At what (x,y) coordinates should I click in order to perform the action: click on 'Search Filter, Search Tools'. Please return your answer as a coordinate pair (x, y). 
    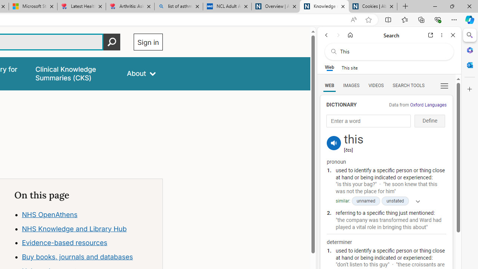
    Looking at the image, I should click on (408, 85).